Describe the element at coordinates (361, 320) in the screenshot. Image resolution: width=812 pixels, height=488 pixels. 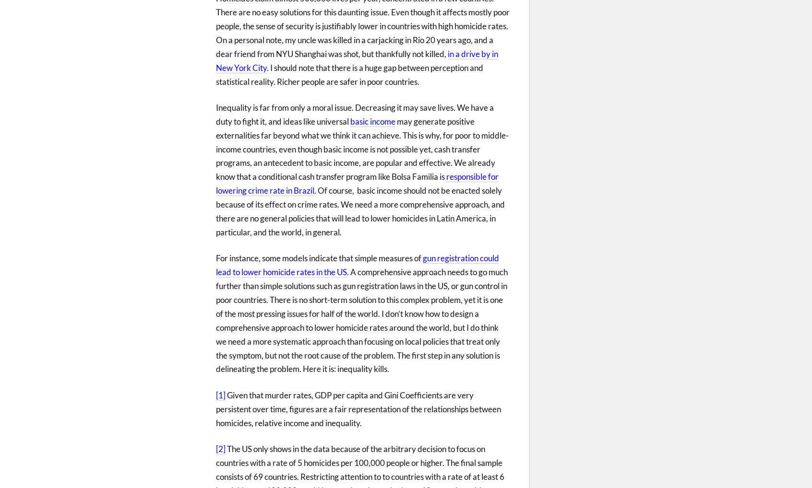
I see `'. A comprehensive approach needs to go much further than simple solutions such as gun registration laws in the US, or gun control in poor countries. There is no short-term solution to this complex problem, yet it is one of the most pressing issues for half of the world. I don’t know how to design a comprehensive approach to lower homicide rates around the world, but I do think we need a more systematic approach than focusing on local policies that treat only the symptom, but not the root cause of the problem. The first step in any solution is delineating the problem. Here it is: inequality kills.'` at that location.